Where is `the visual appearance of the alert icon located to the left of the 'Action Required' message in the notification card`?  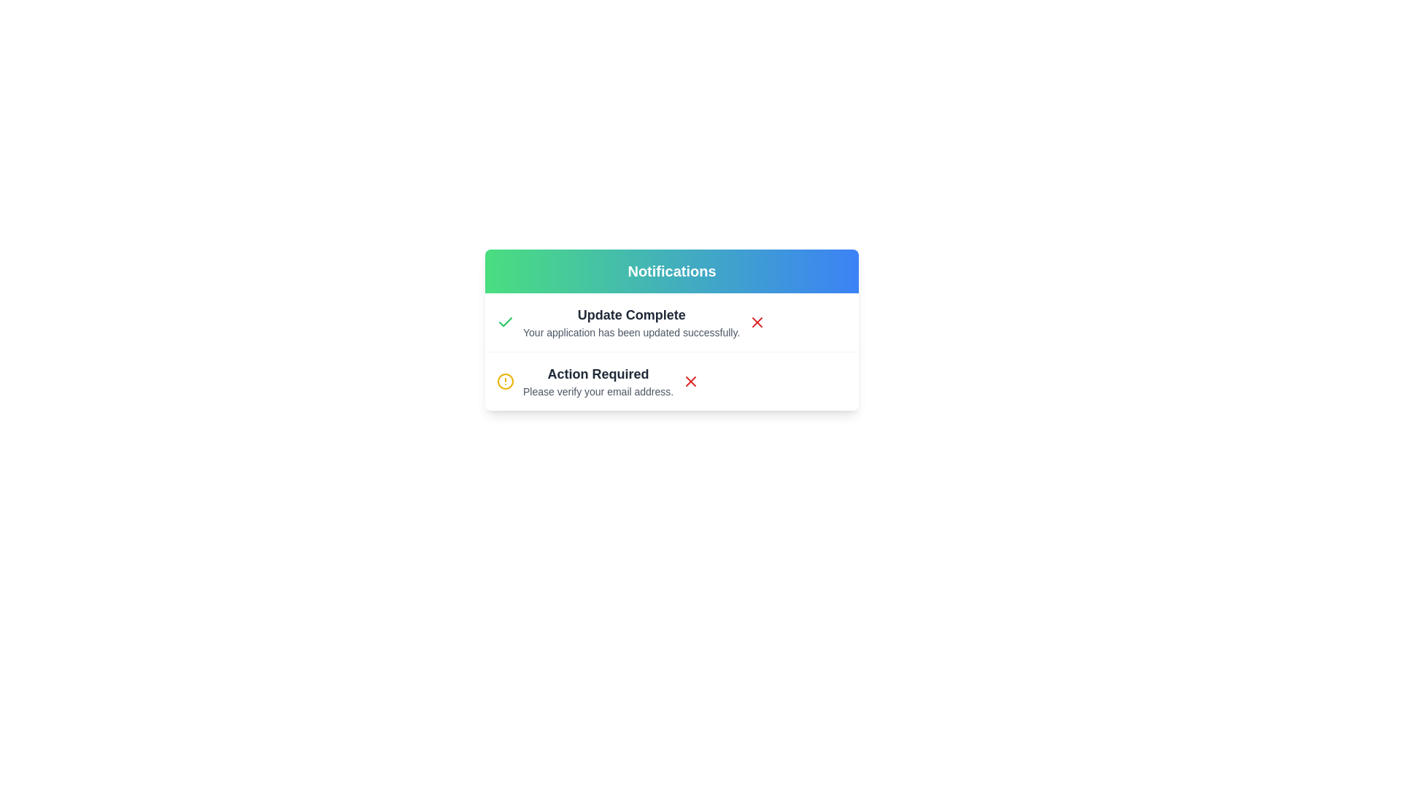 the visual appearance of the alert icon located to the left of the 'Action Required' message in the notification card is located at coordinates (505, 381).